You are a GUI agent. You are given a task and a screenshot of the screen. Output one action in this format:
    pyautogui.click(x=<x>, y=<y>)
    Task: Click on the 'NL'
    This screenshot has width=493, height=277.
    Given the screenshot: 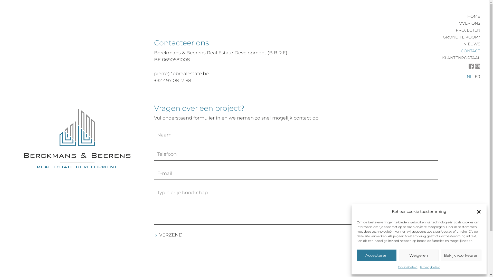 What is the action you would take?
    pyautogui.click(x=469, y=76)
    